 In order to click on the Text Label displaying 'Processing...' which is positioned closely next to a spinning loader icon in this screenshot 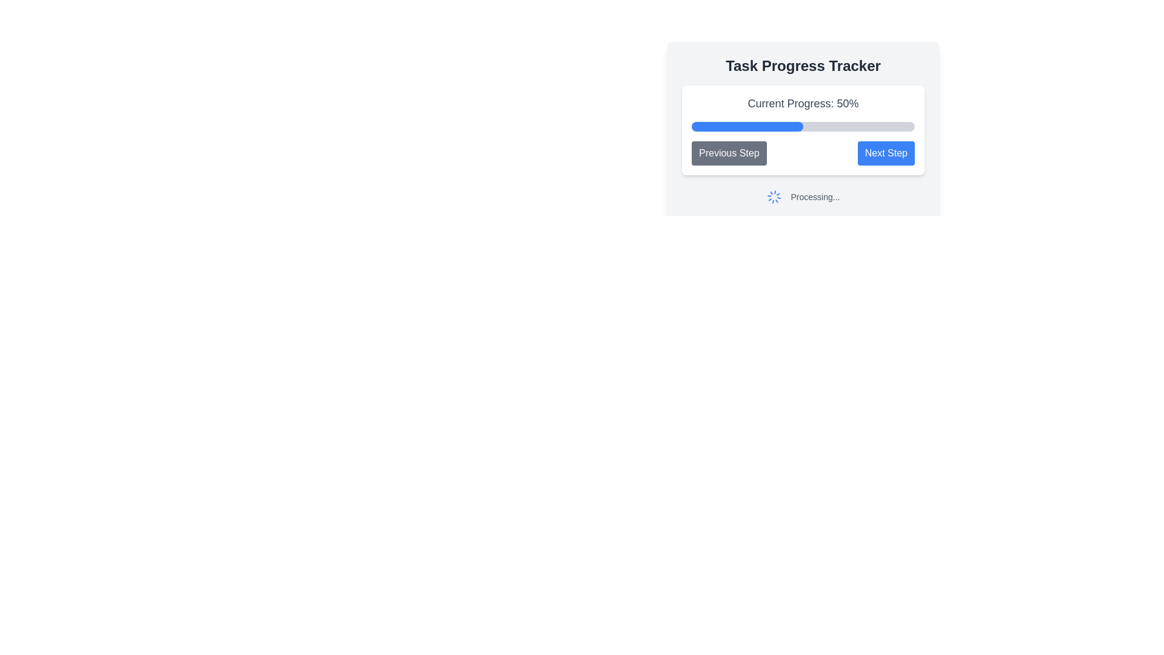, I will do `click(815, 196)`.